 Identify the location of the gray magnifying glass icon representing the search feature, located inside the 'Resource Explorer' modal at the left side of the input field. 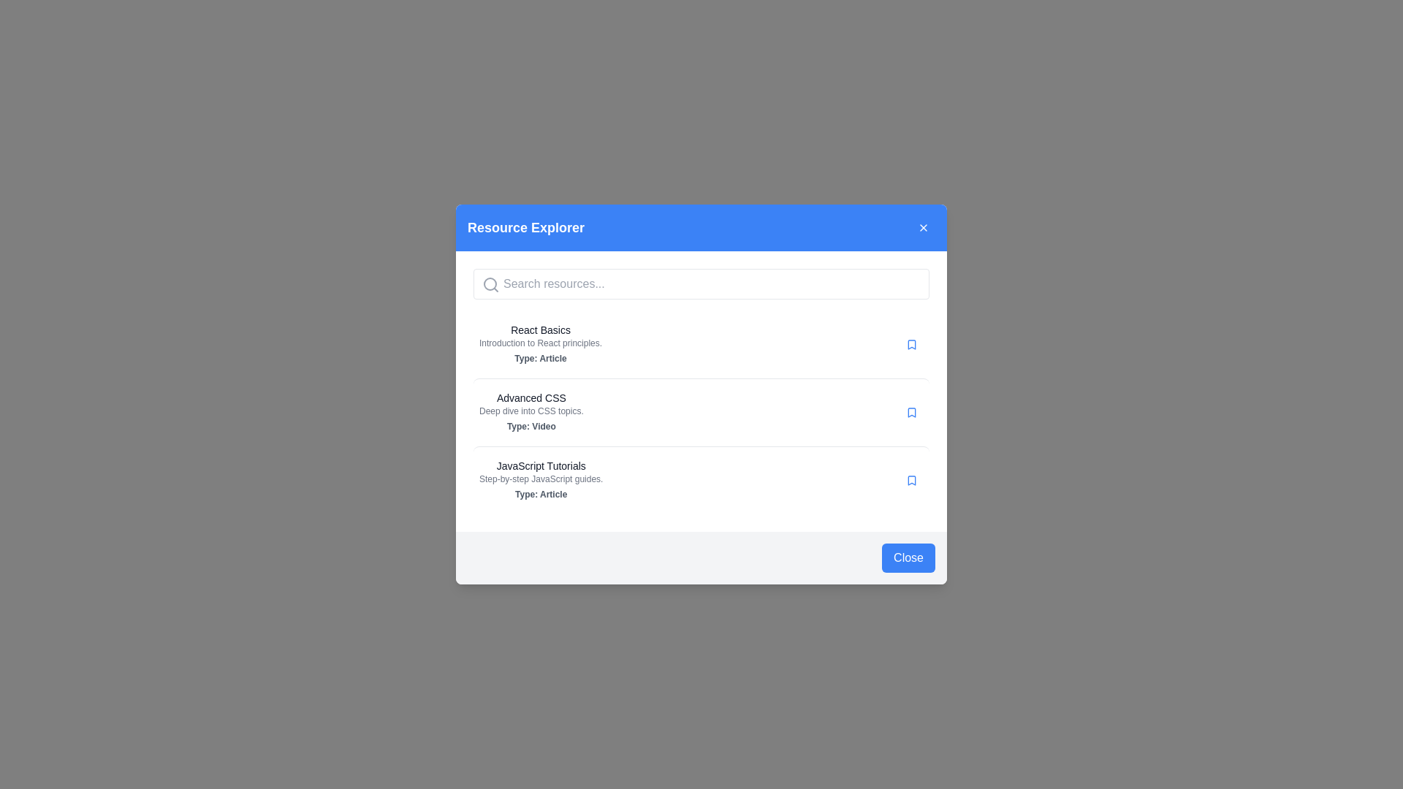
(491, 284).